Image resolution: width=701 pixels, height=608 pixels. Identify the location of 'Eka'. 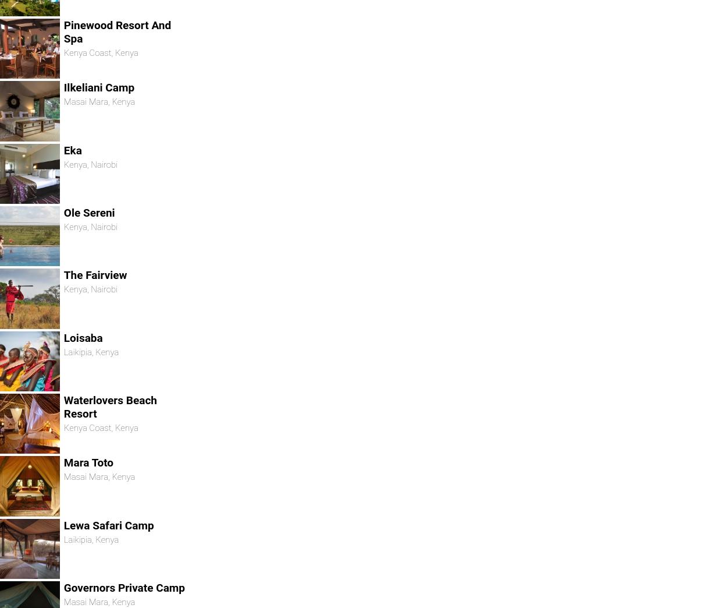
(63, 150).